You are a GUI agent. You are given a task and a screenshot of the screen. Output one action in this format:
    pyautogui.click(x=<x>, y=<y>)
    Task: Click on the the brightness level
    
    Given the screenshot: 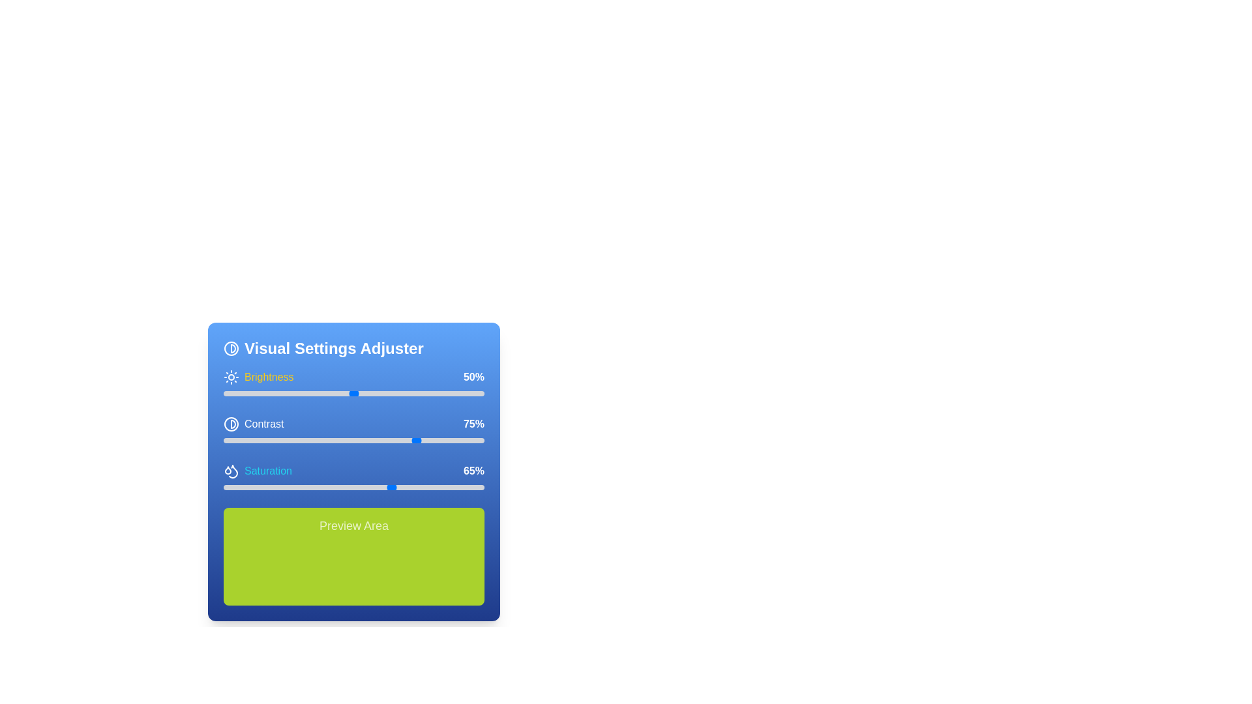 What is the action you would take?
    pyautogui.click(x=288, y=393)
    